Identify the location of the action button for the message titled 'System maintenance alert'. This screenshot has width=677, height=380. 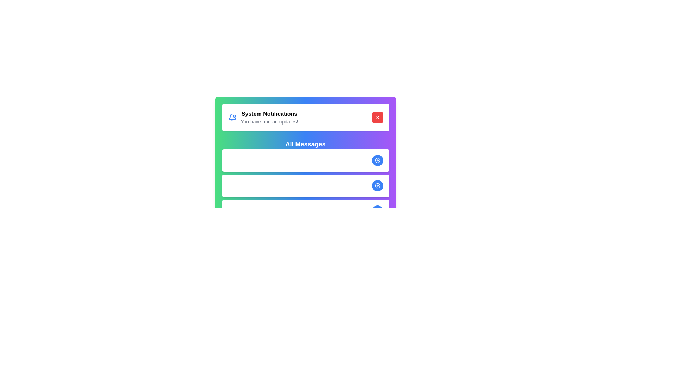
(377, 185).